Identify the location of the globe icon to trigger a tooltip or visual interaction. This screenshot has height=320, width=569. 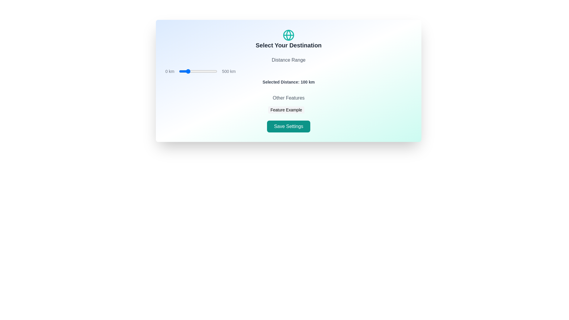
(289, 35).